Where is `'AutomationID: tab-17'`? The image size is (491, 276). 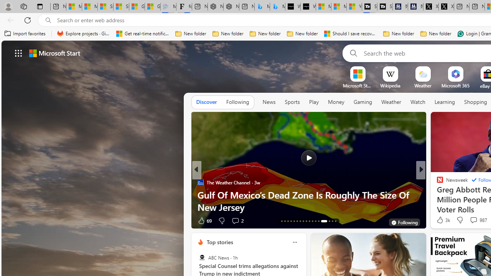
'AutomationID: tab-17' is located at coordinates (293, 221).